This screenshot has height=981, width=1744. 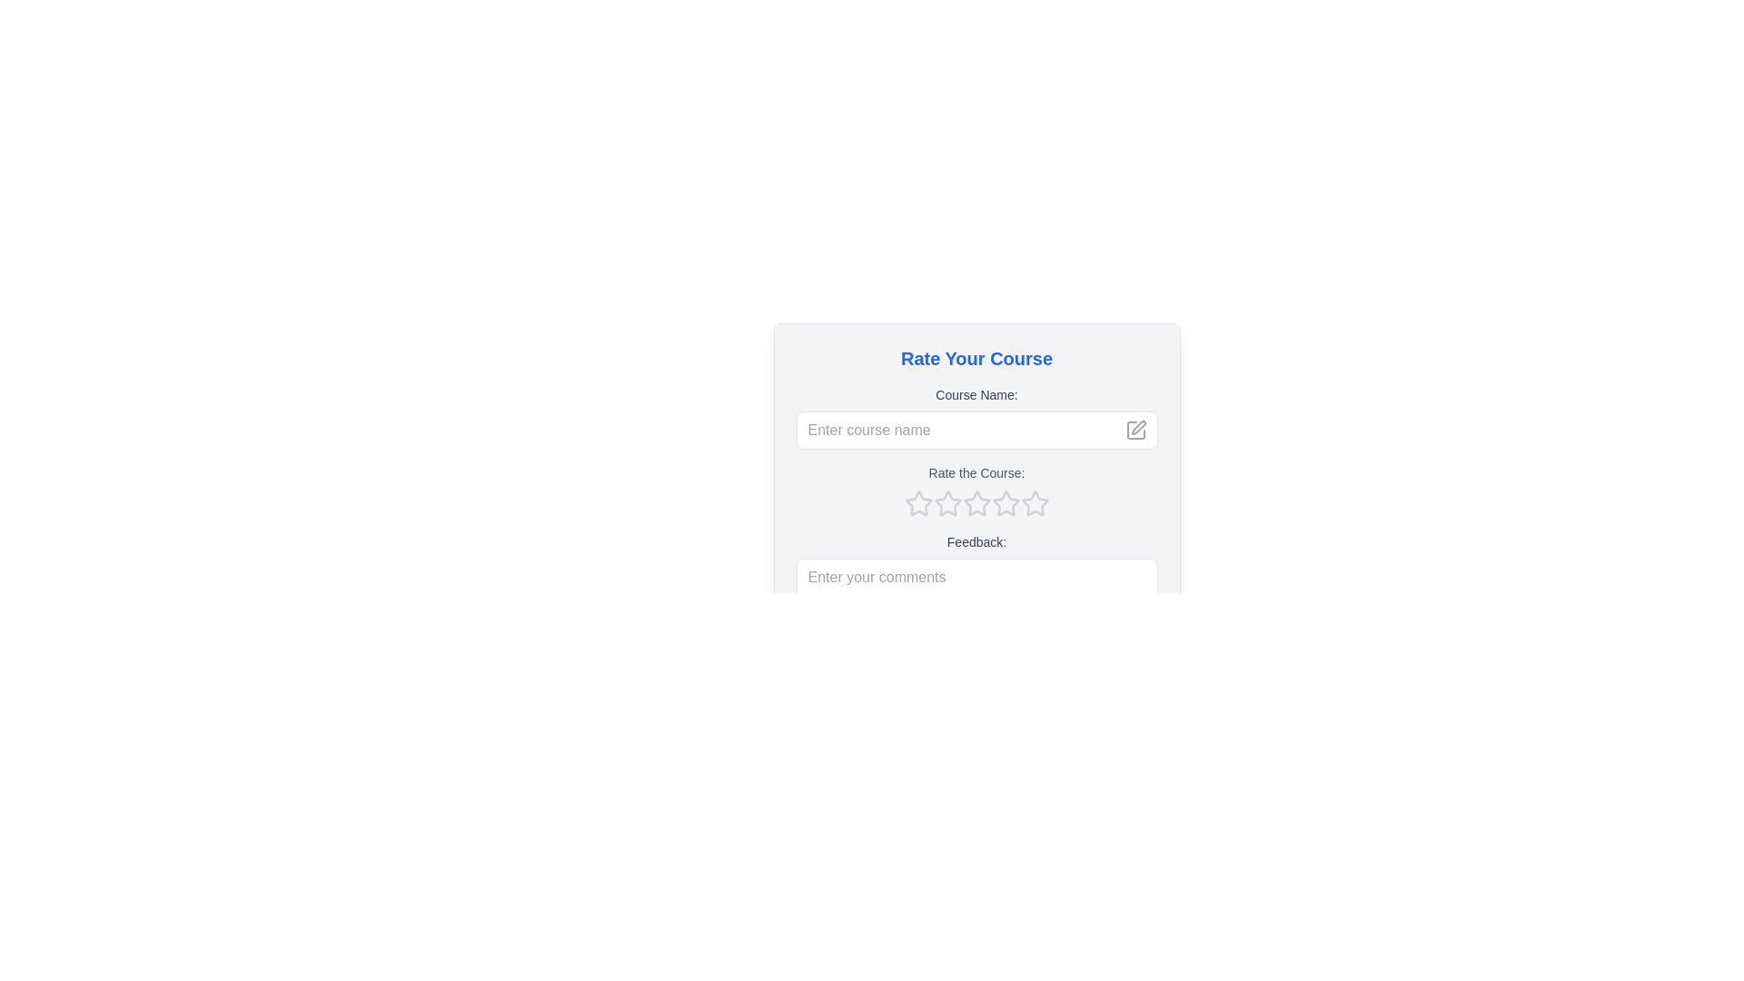 What do you see at coordinates (1035, 503) in the screenshot?
I see `the fourth star in the five-star rating component` at bounding box center [1035, 503].